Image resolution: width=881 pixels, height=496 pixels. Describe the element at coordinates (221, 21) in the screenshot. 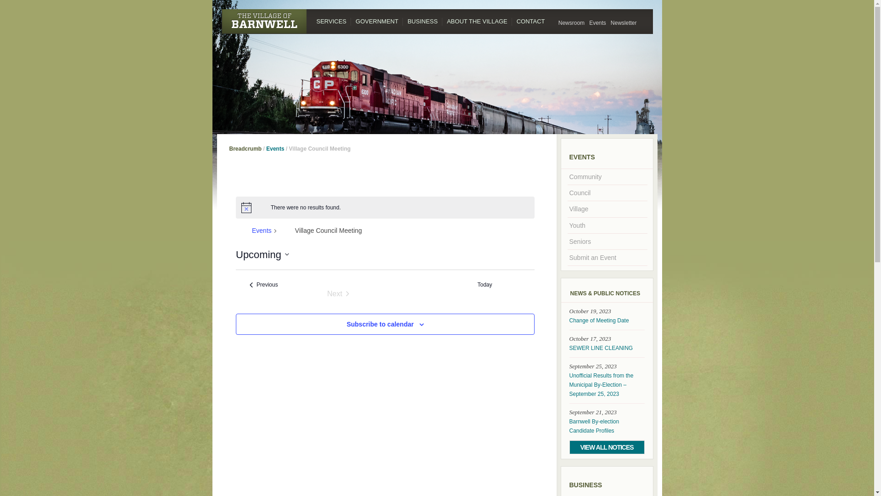

I see `'Village of Barnwell'` at that location.